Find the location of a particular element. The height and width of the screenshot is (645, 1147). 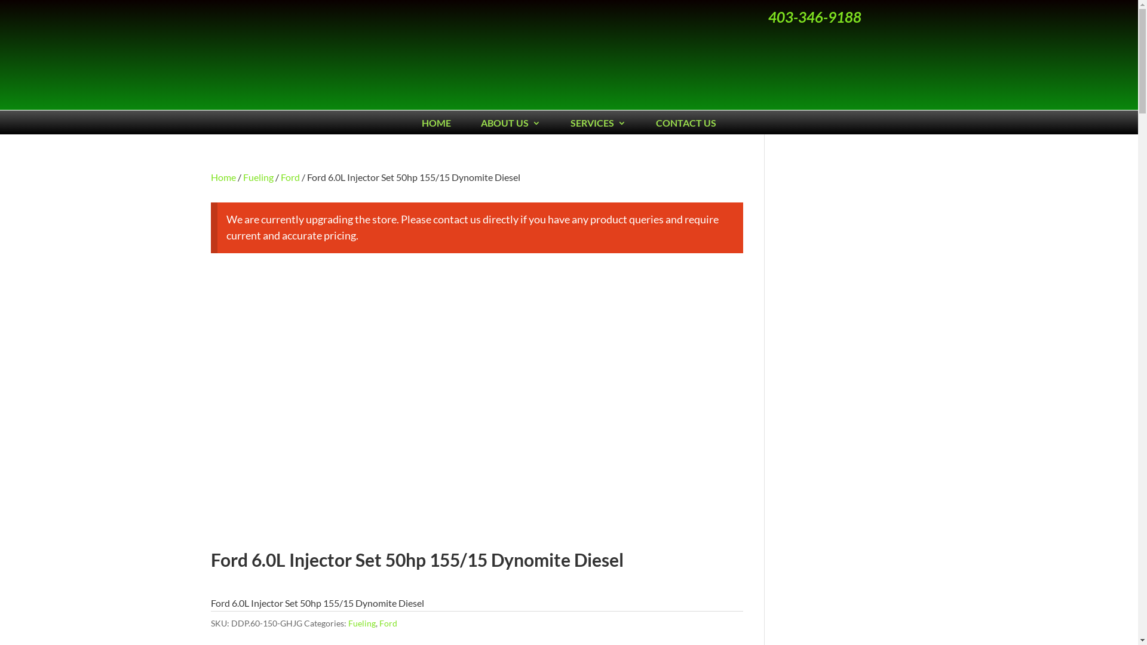

'403-346-9188' is located at coordinates (814, 17).